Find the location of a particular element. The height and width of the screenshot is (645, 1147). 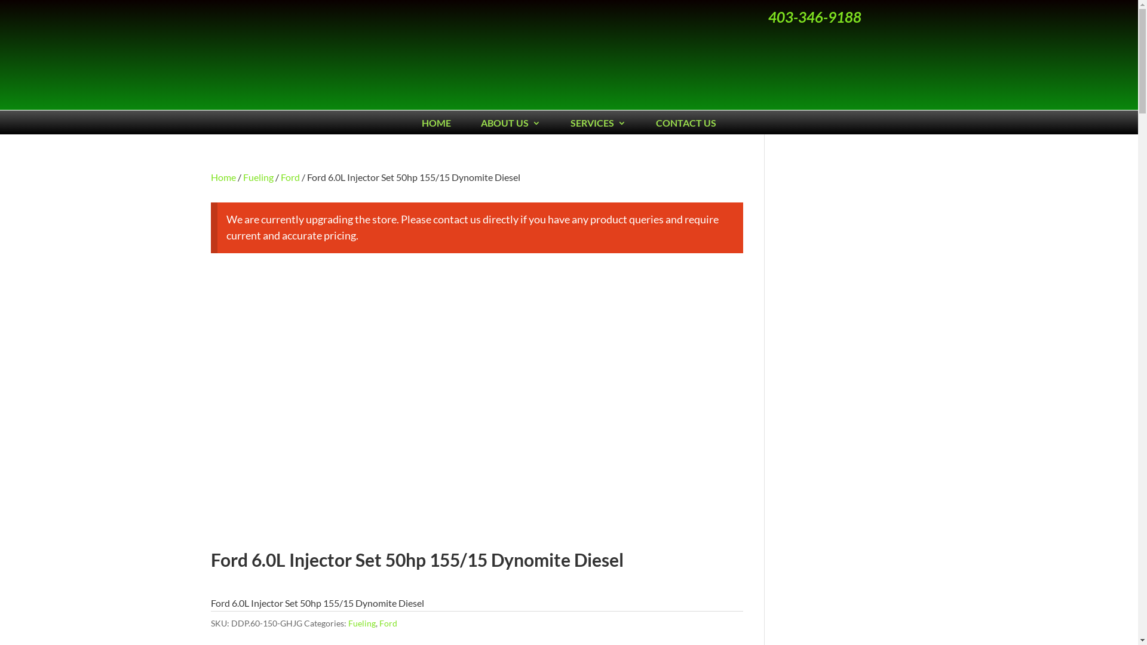

'403-346-9188' is located at coordinates (814, 17).